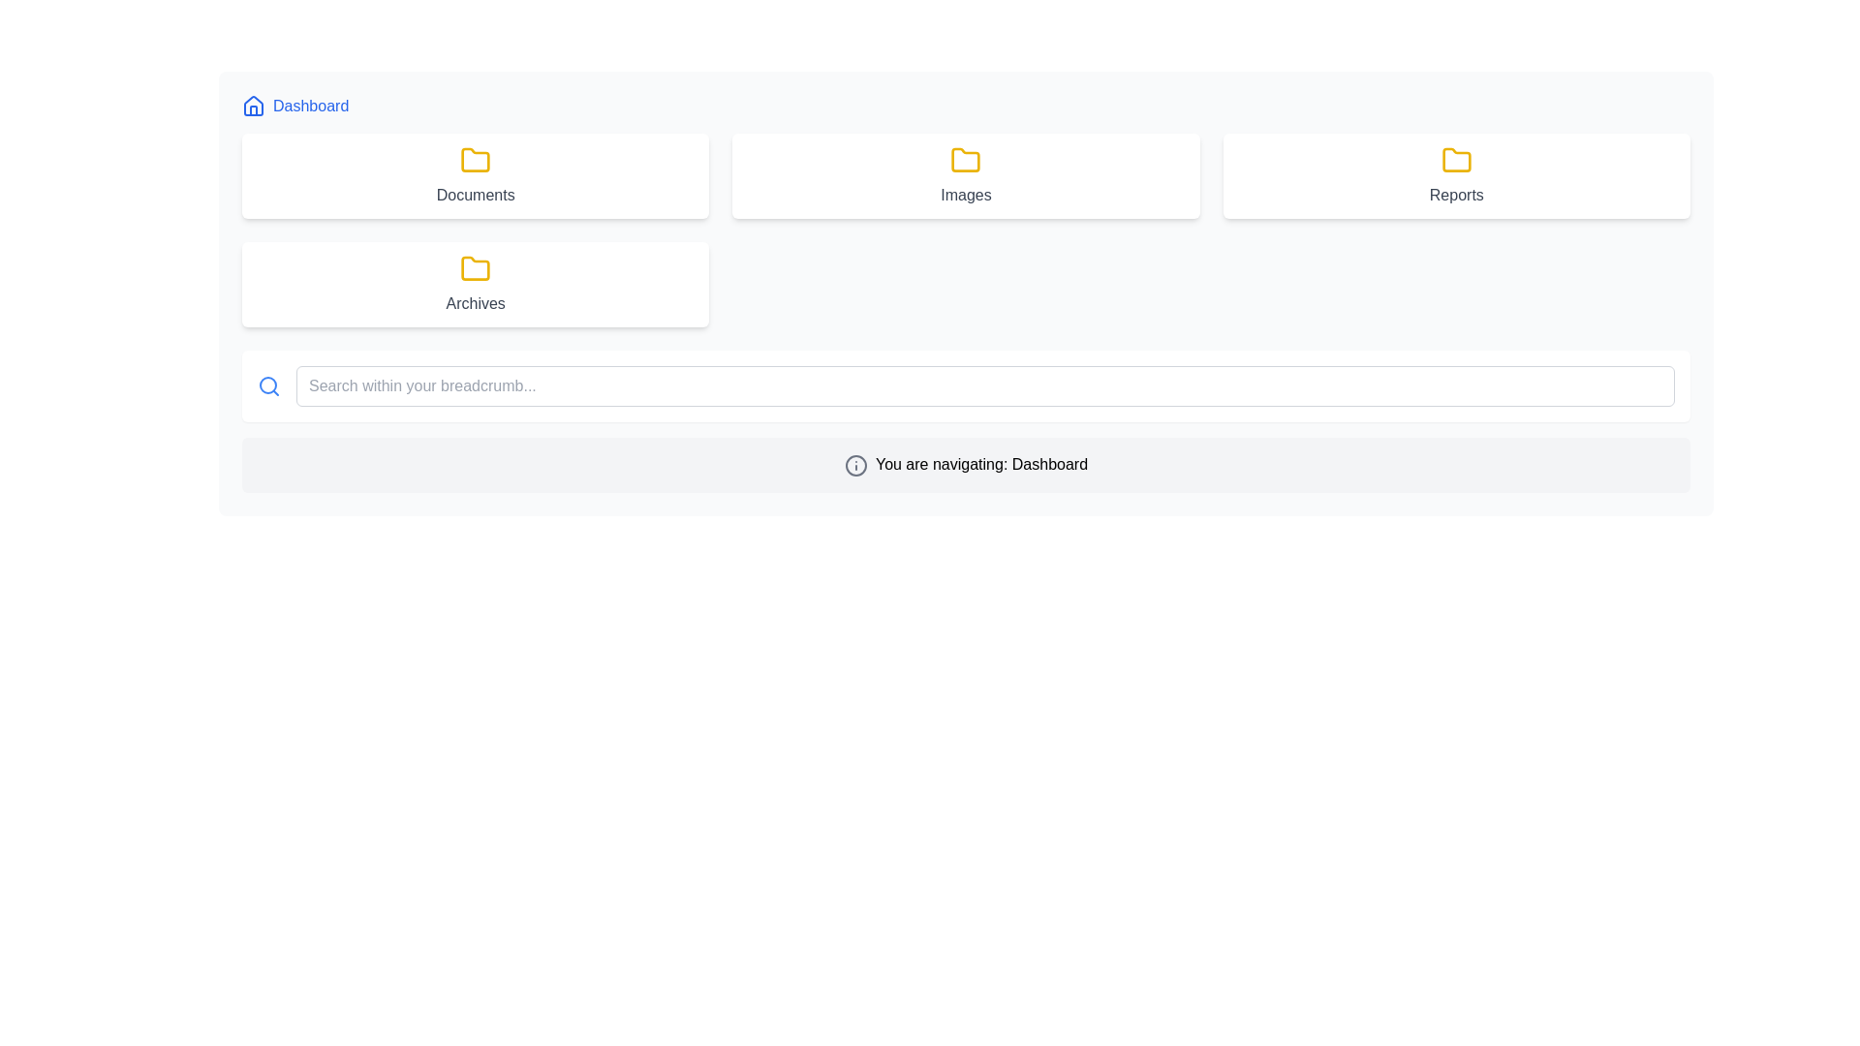 The height and width of the screenshot is (1046, 1860). I want to click on the 'Images' icon located in the middle of the box labeled 'Images', so click(966, 159).